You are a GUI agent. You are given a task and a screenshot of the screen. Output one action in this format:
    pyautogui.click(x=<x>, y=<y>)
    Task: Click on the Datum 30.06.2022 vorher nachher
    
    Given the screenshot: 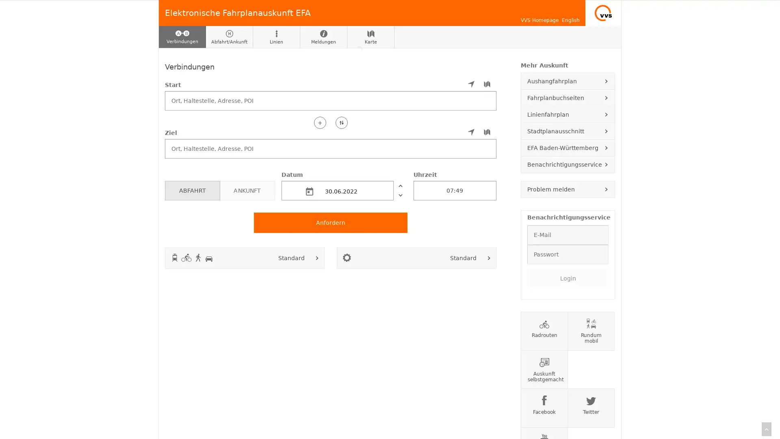 What is the action you would take?
    pyautogui.click(x=344, y=185)
    